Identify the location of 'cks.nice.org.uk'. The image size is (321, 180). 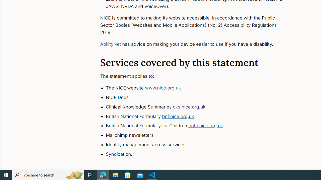
(189, 106).